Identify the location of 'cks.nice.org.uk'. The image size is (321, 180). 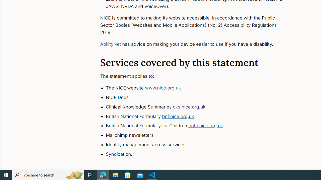
(189, 106).